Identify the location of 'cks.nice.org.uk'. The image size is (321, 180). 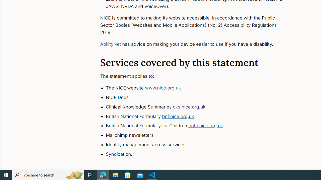
(189, 106).